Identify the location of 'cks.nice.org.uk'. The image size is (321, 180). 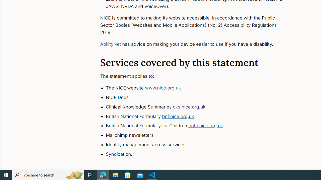
(189, 106).